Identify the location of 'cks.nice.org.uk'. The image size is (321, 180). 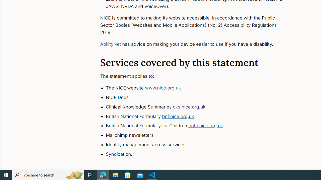
(189, 106).